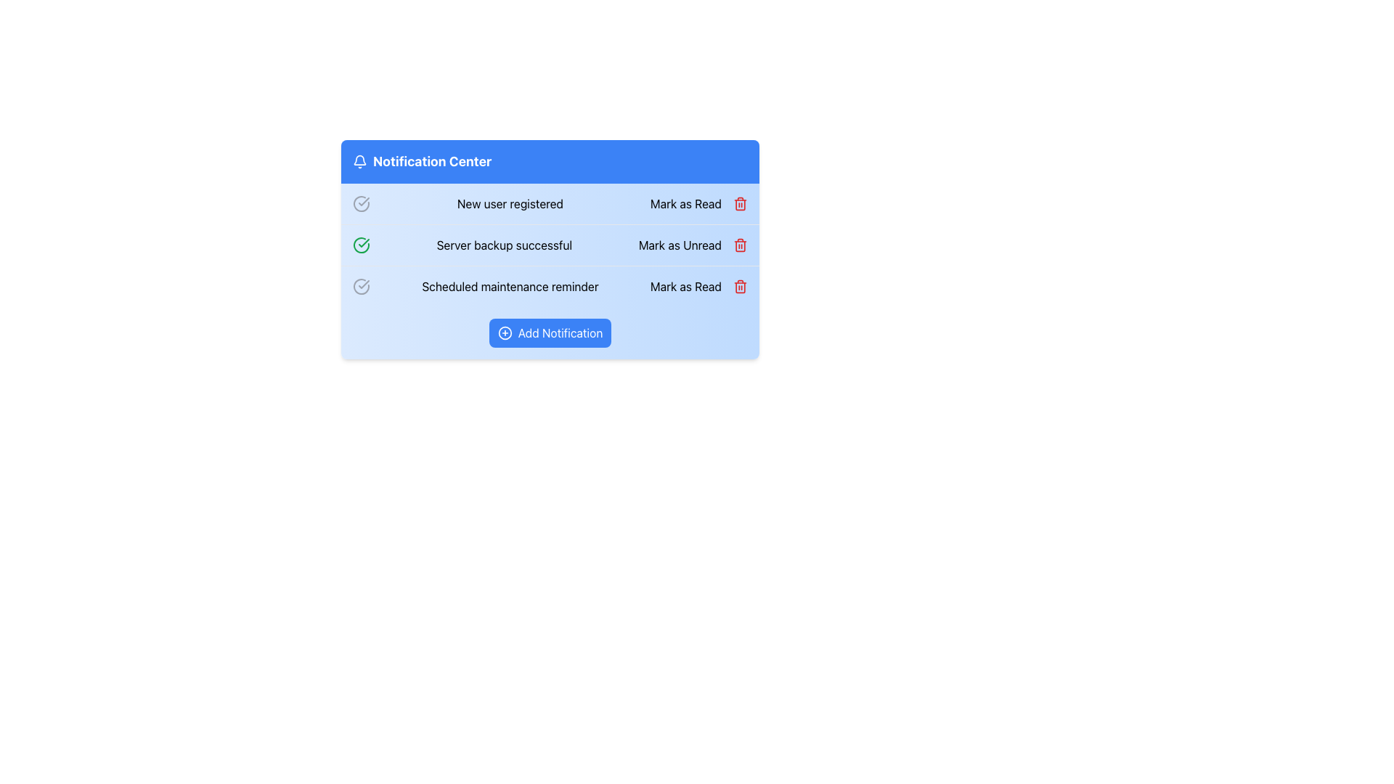  Describe the element at coordinates (362, 245) in the screenshot. I see `the leftmost icon in the second row of the Notification Center, which indicates a successful or completed status` at that location.